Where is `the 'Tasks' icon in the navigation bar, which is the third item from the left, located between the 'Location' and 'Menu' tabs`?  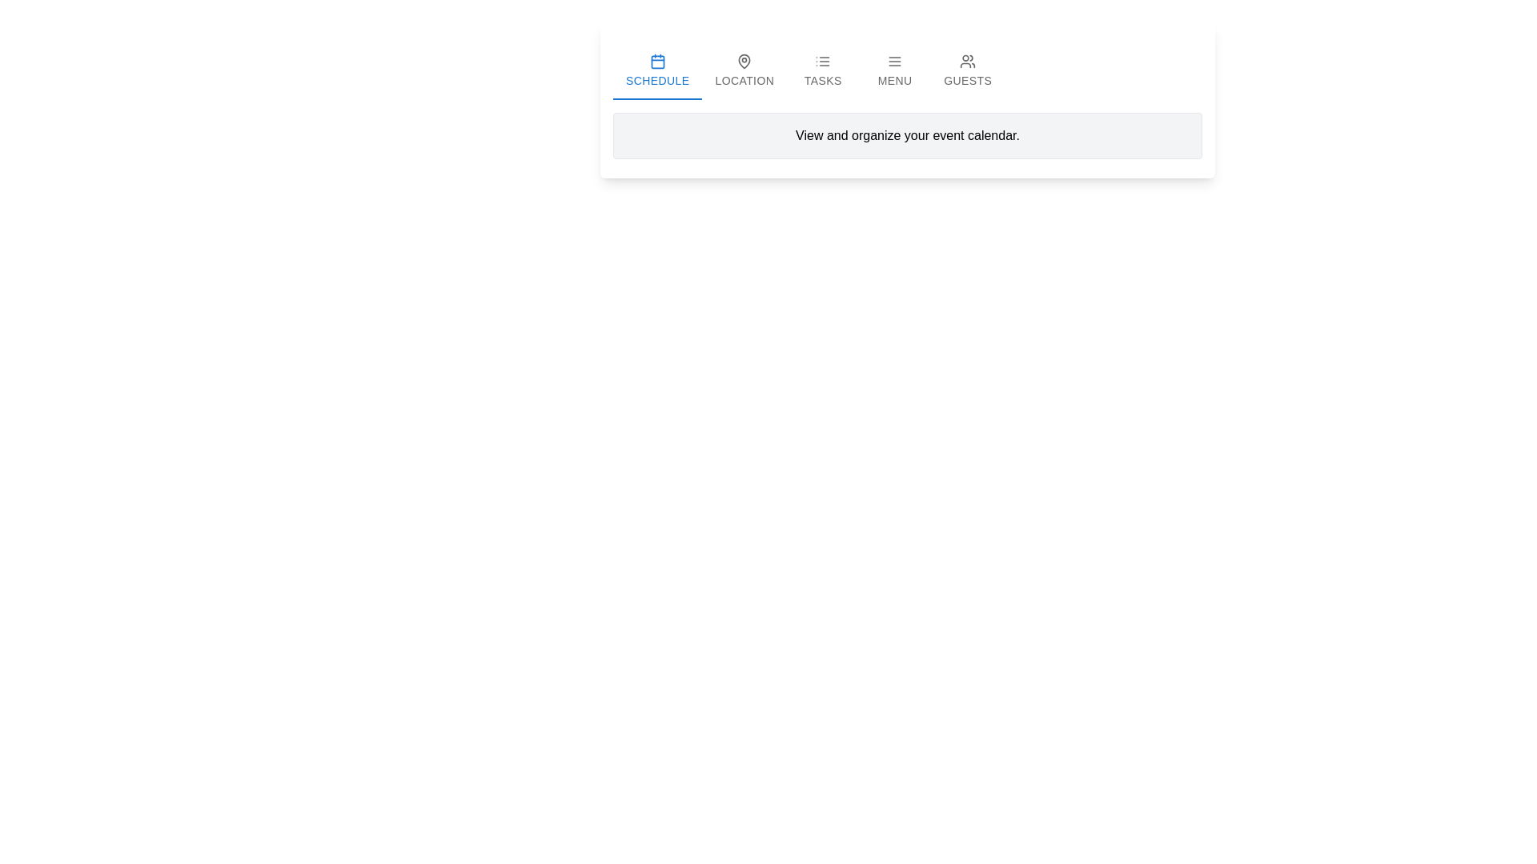
the 'Tasks' icon in the navigation bar, which is the third item from the left, located between the 'Location' and 'Menu' tabs is located at coordinates (823, 61).